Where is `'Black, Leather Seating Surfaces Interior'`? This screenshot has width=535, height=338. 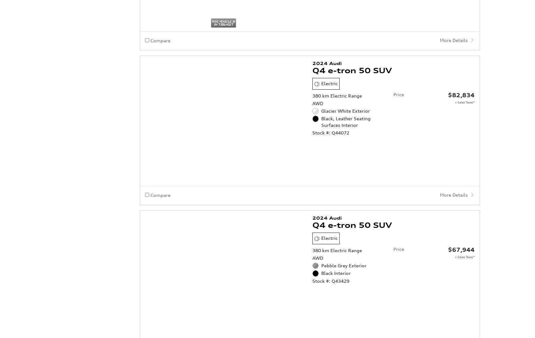
'Black, Leather Seating Surfaces Interior' is located at coordinates (346, 71).